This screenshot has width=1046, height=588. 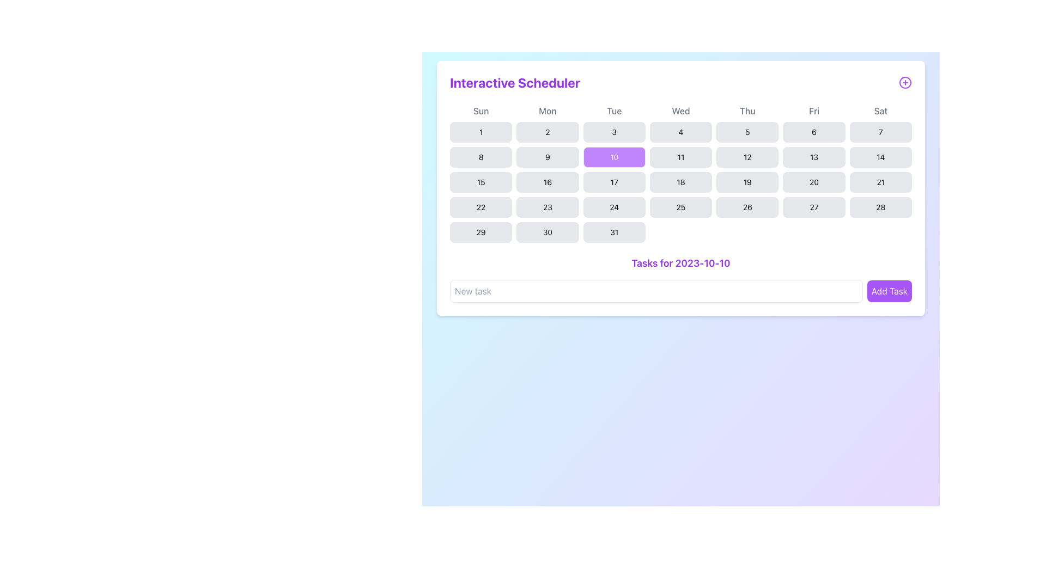 What do you see at coordinates (680, 207) in the screenshot?
I see `the rectangular button with rounded corners displaying the number '25' in black text, located in the 7th row and 4th column of the calendar grid` at bounding box center [680, 207].